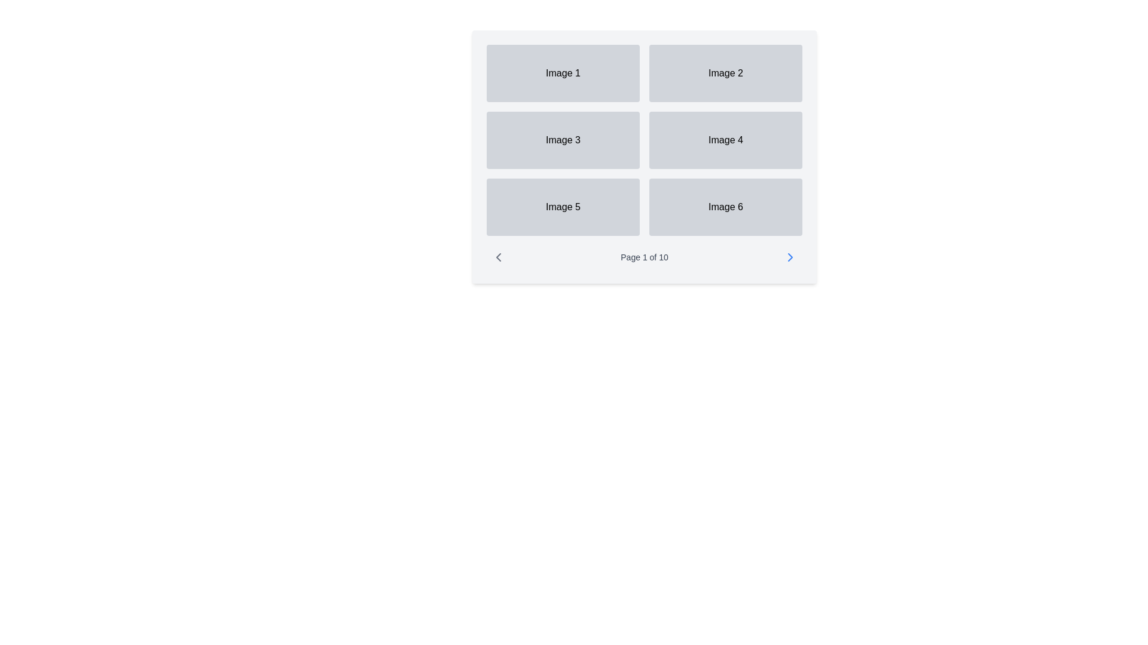 Image resolution: width=1148 pixels, height=645 pixels. Describe the element at coordinates (725, 73) in the screenshot. I see `the static visual placeholder or label located in the grid, which is the second item in the top row, to the right of 'Image 1'` at that location.